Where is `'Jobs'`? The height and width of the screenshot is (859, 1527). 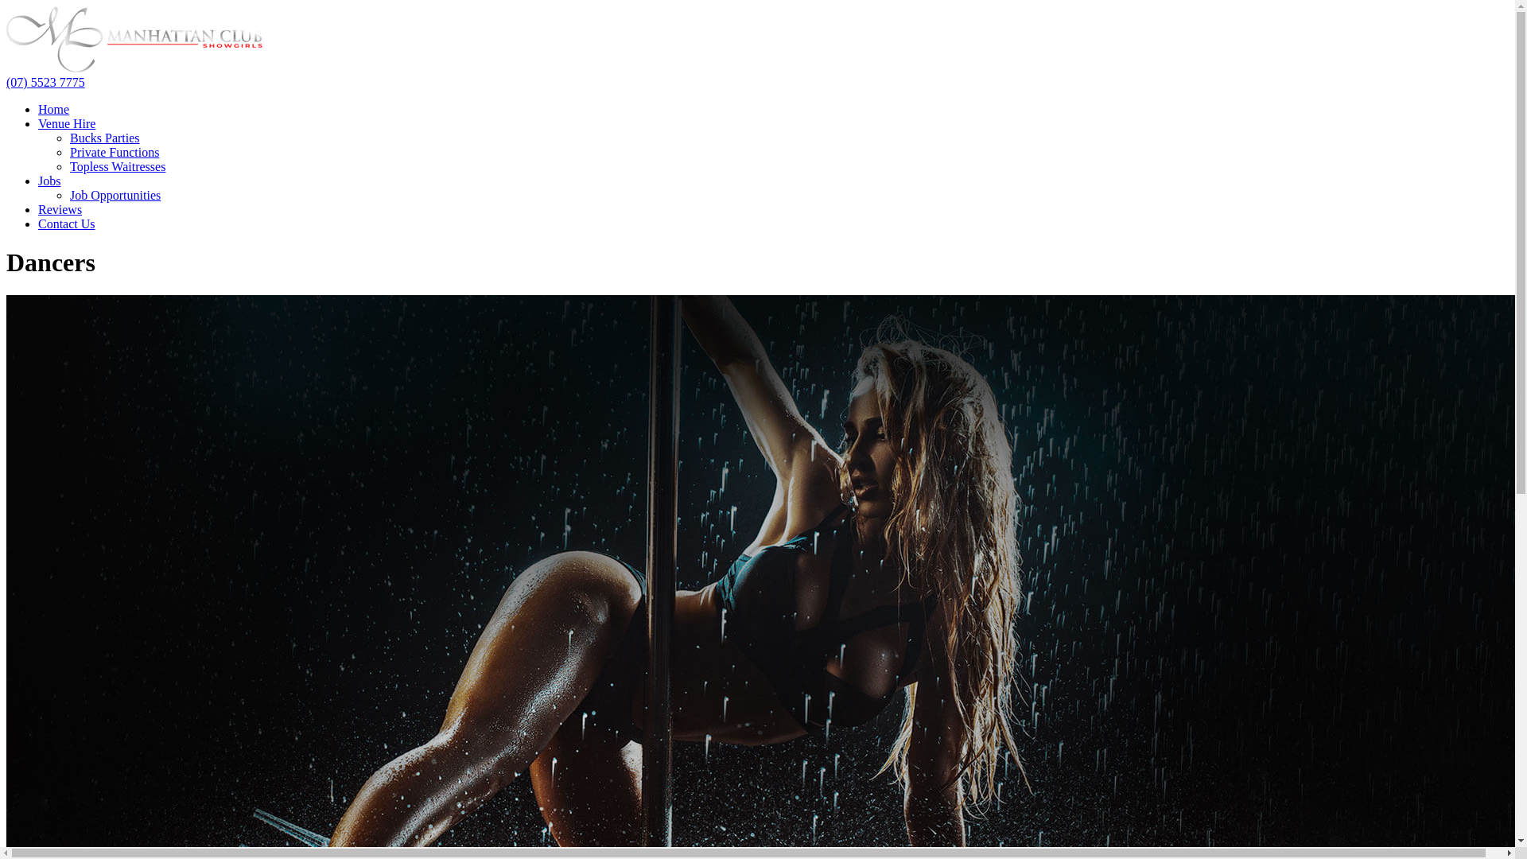
'Jobs' is located at coordinates (49, 180).